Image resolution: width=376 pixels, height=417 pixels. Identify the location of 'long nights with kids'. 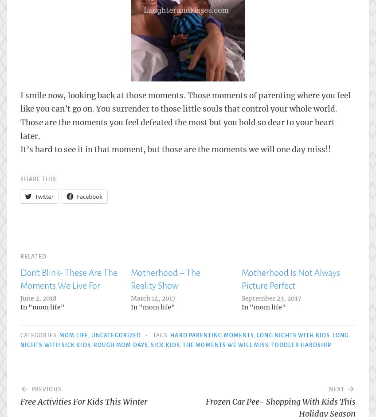
(256, 335).